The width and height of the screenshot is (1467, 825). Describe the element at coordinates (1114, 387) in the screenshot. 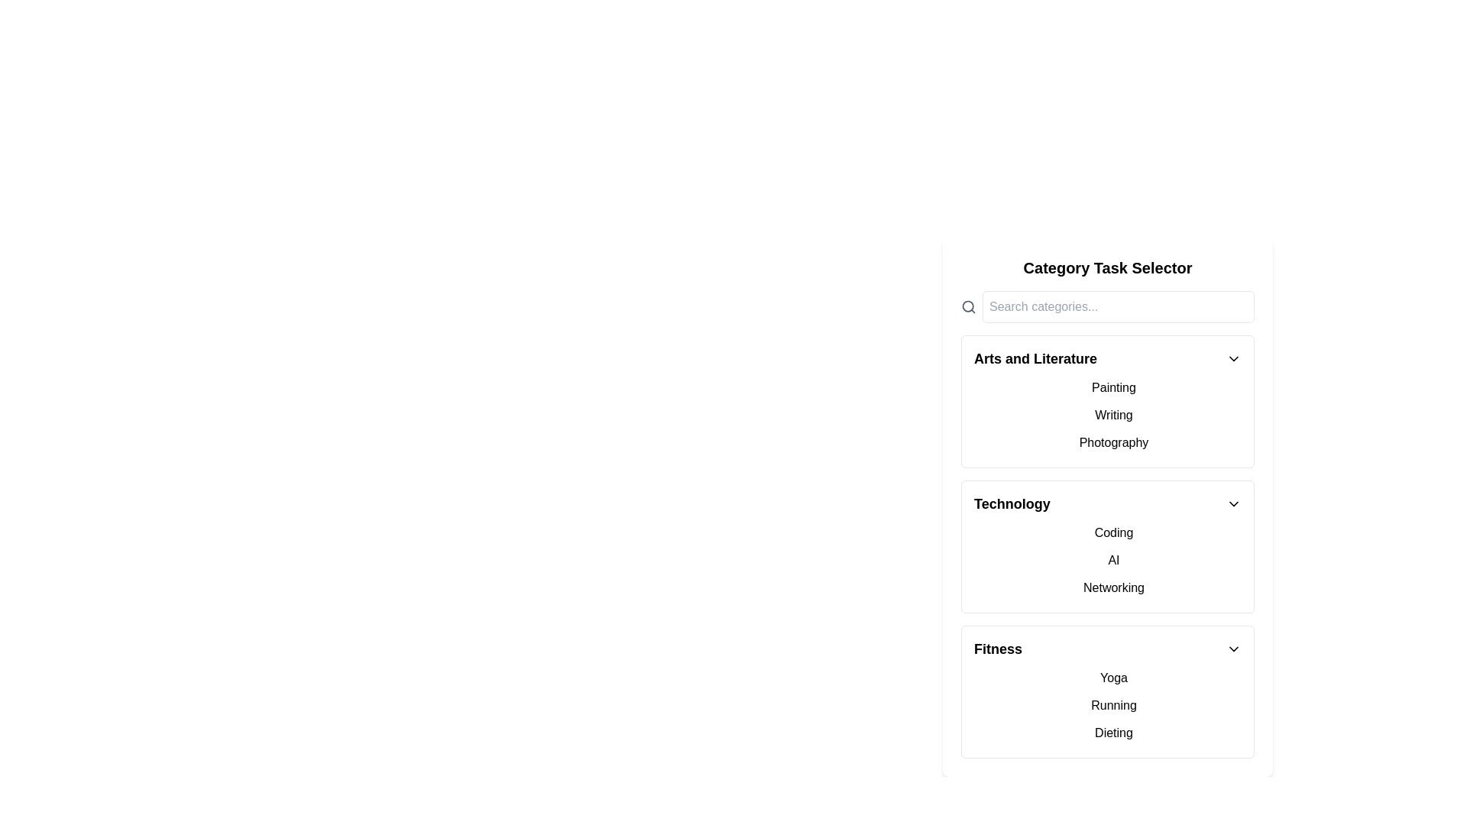

I see `the 'Painting' text link` at that location.